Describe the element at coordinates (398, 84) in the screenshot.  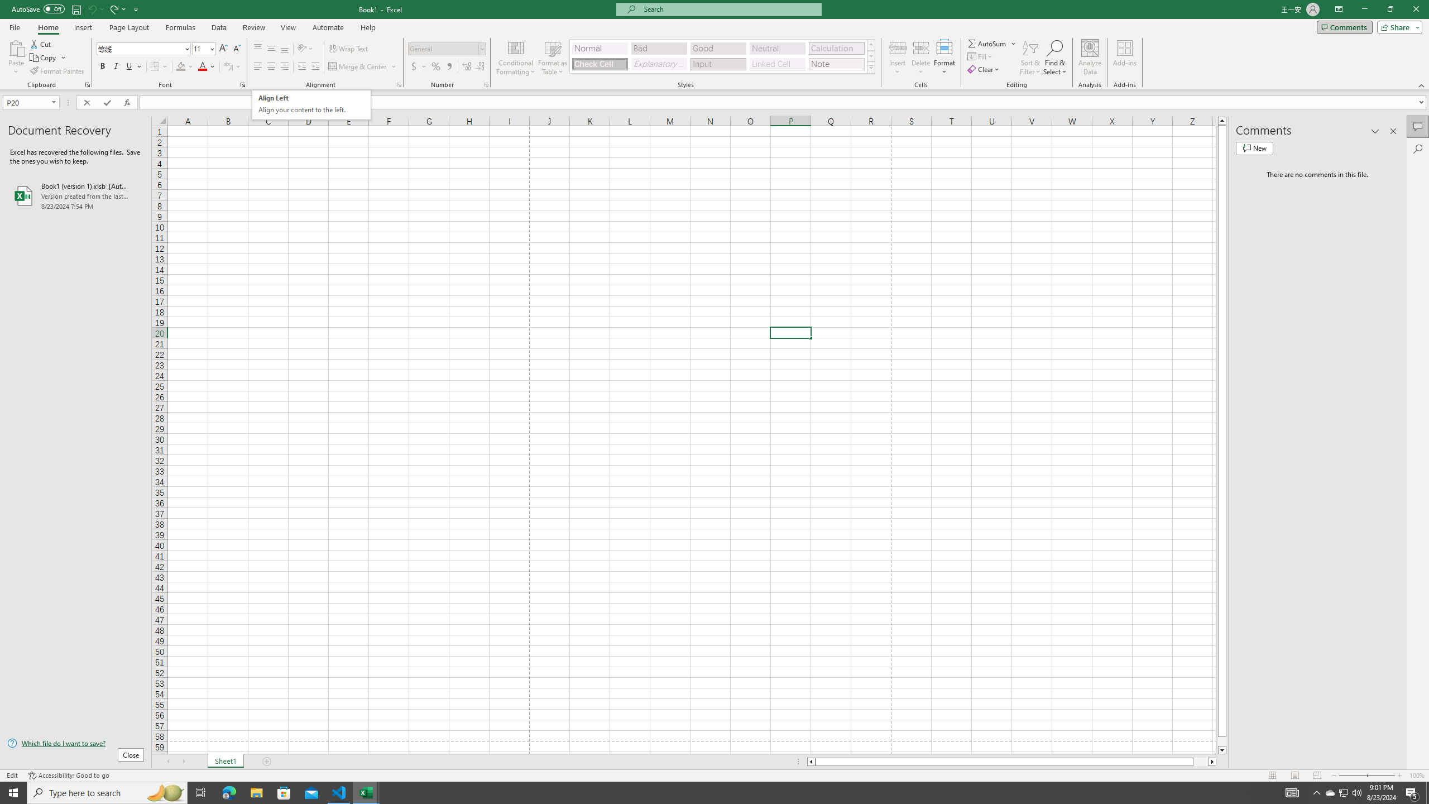
I see `'Format Cell Alignment'` at that location.